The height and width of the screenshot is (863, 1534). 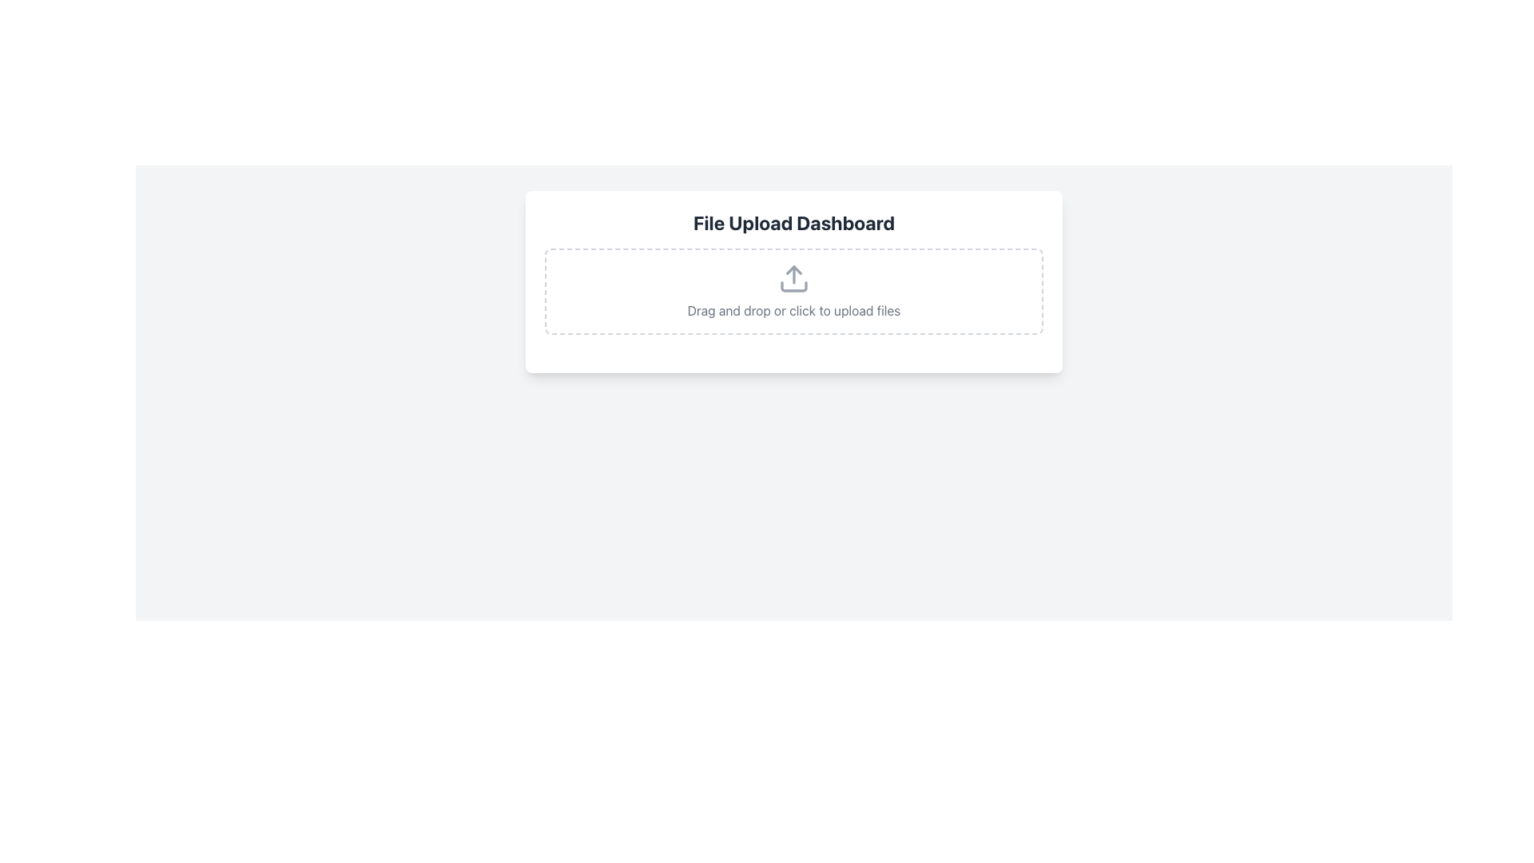 What do you see at coordinates (793, 311) in the screenshot?
I see `instructions displayed in the text label that says 'Drag and drop or click to upload files', which is centrally aligned below the upload area in the 'File Upload Dashboard'` at bounding box center [793, 311].